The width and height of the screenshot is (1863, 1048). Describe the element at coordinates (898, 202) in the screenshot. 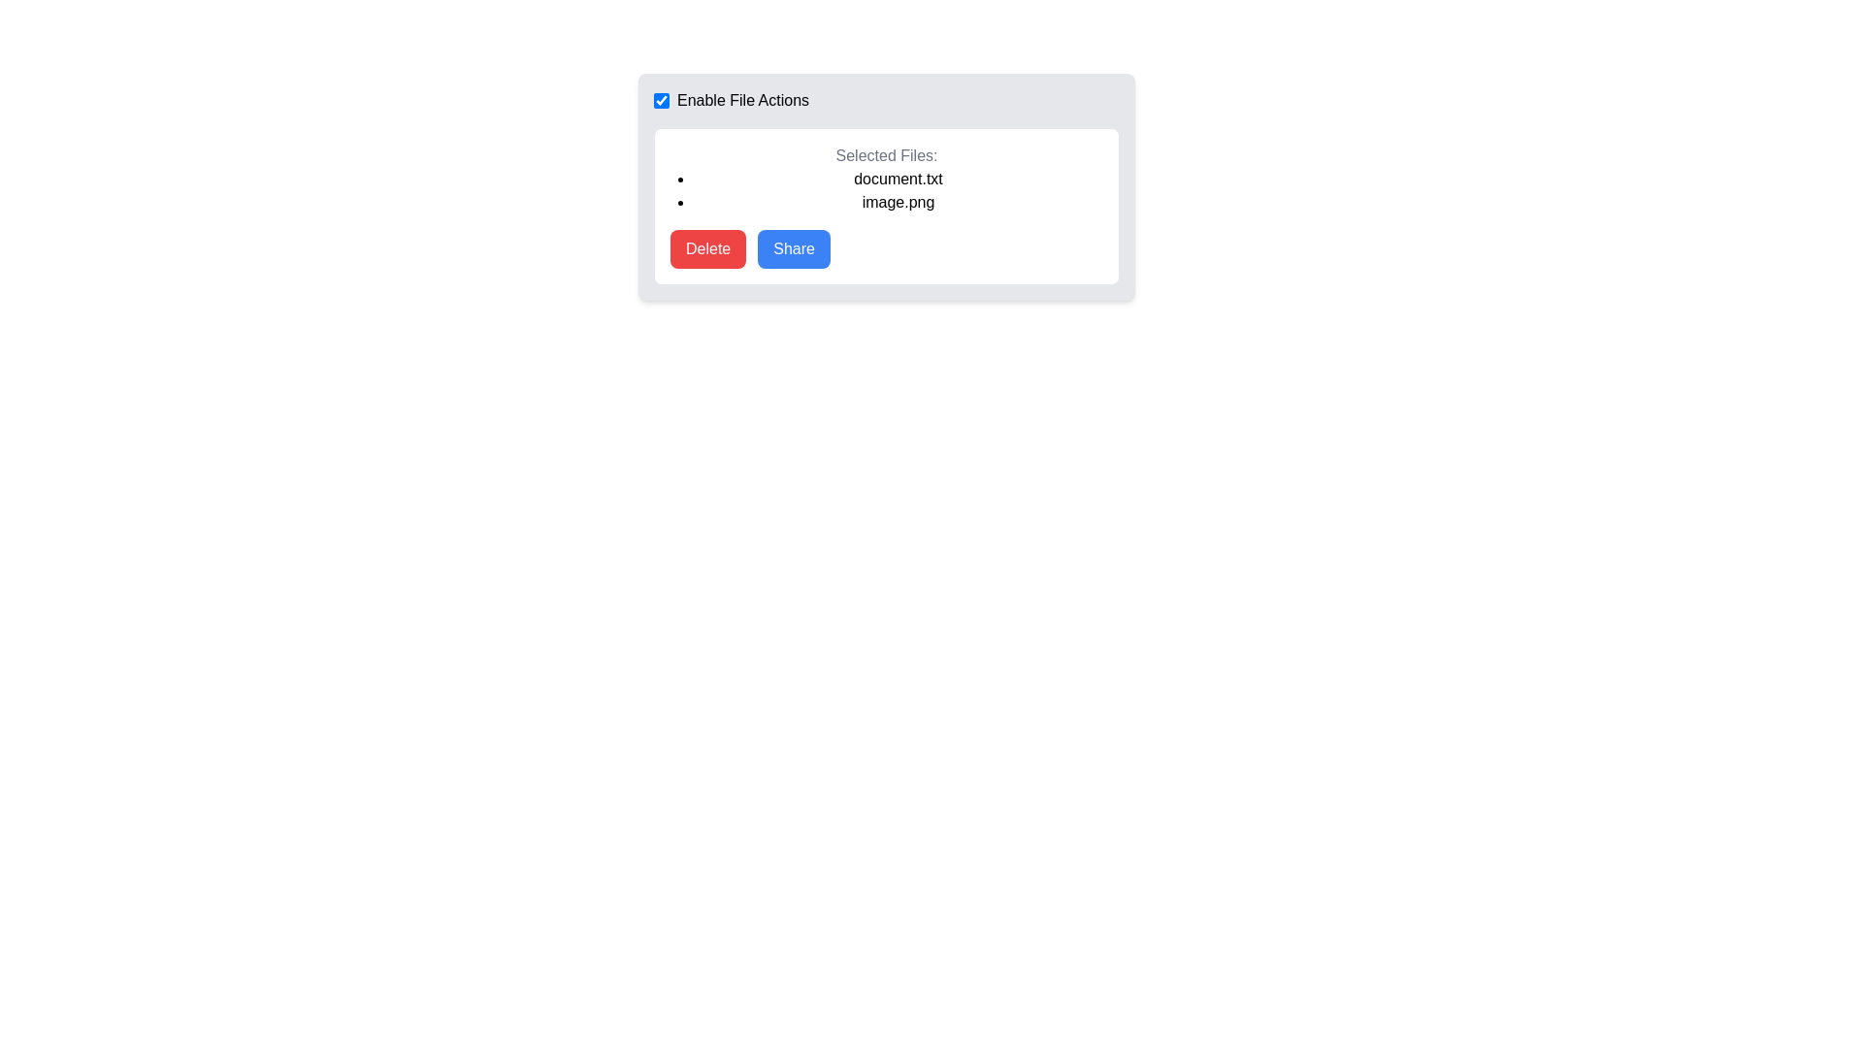

I see `the text label displaying the file name 'image.png'` at that location.